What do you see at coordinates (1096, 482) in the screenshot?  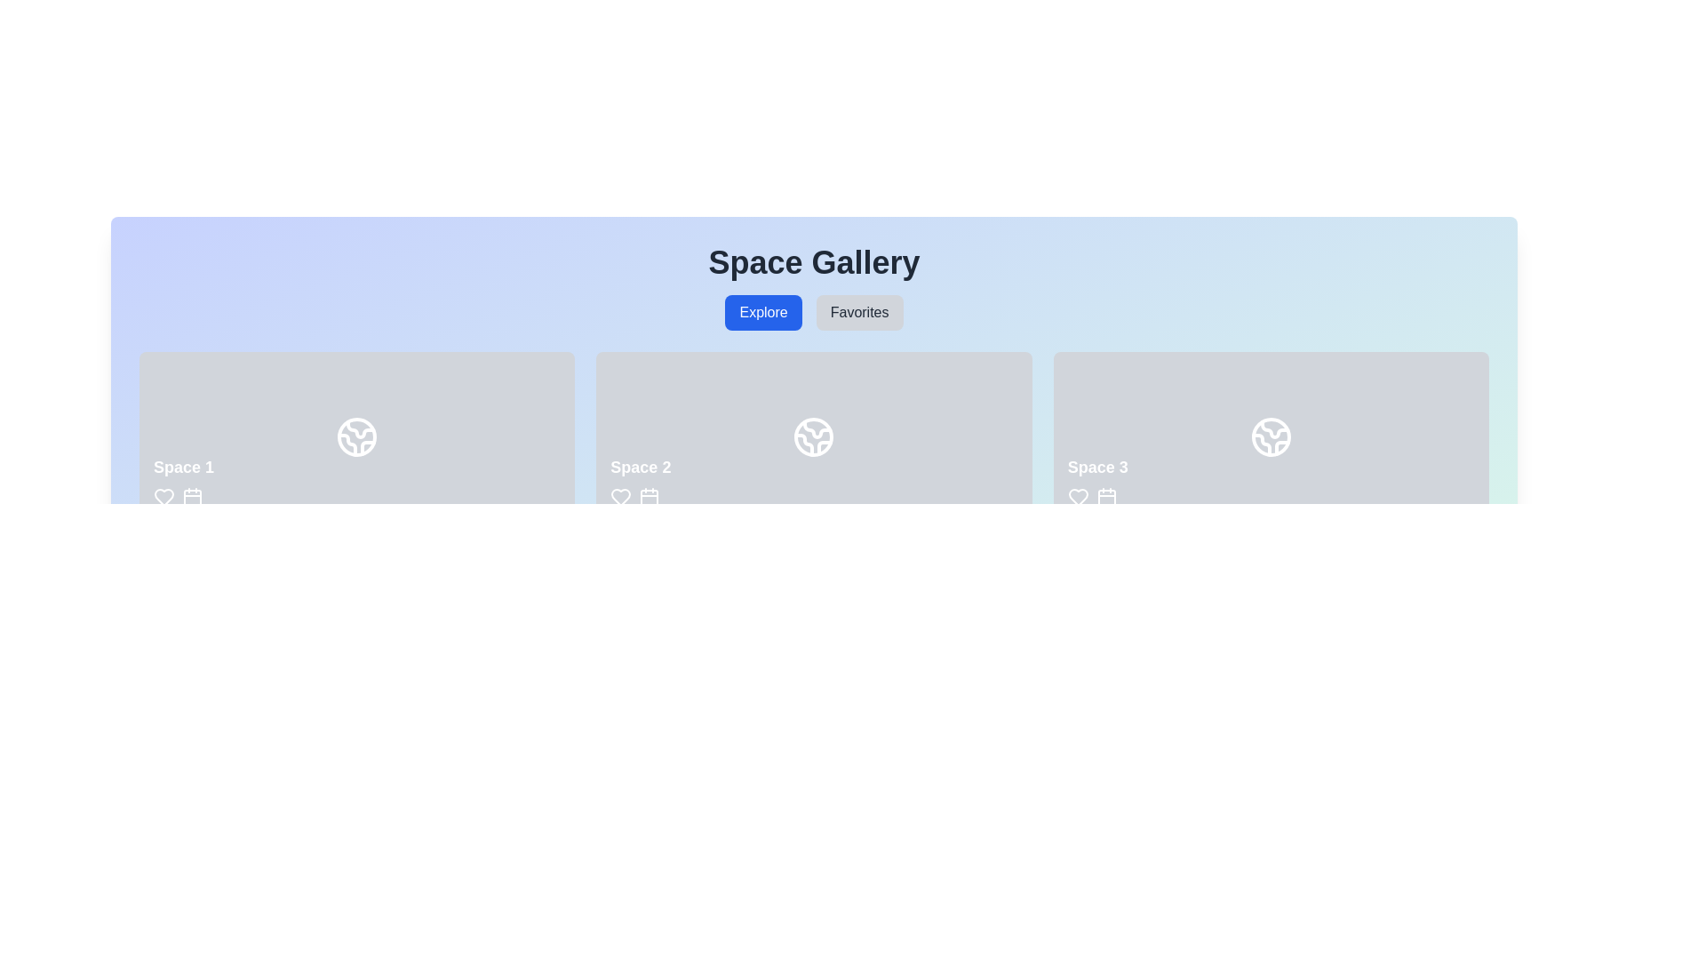 I see `the Text label located in the lower-left corner of the third card under the 'Space Gallery' section` at bounding box center [1096, 482].